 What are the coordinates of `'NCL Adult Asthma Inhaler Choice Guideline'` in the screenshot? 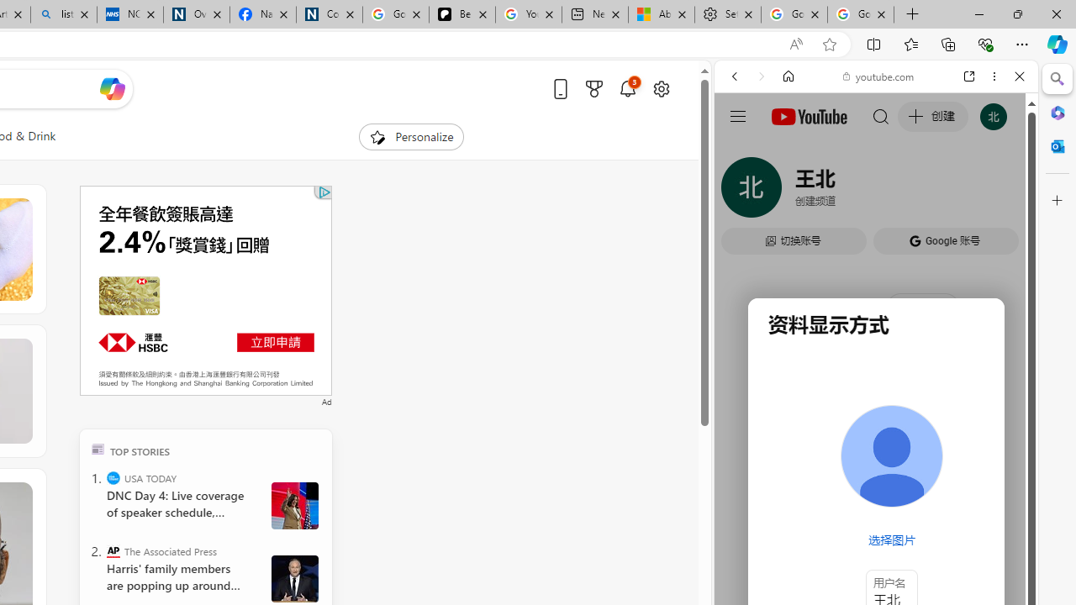 It's located at (129, 14).